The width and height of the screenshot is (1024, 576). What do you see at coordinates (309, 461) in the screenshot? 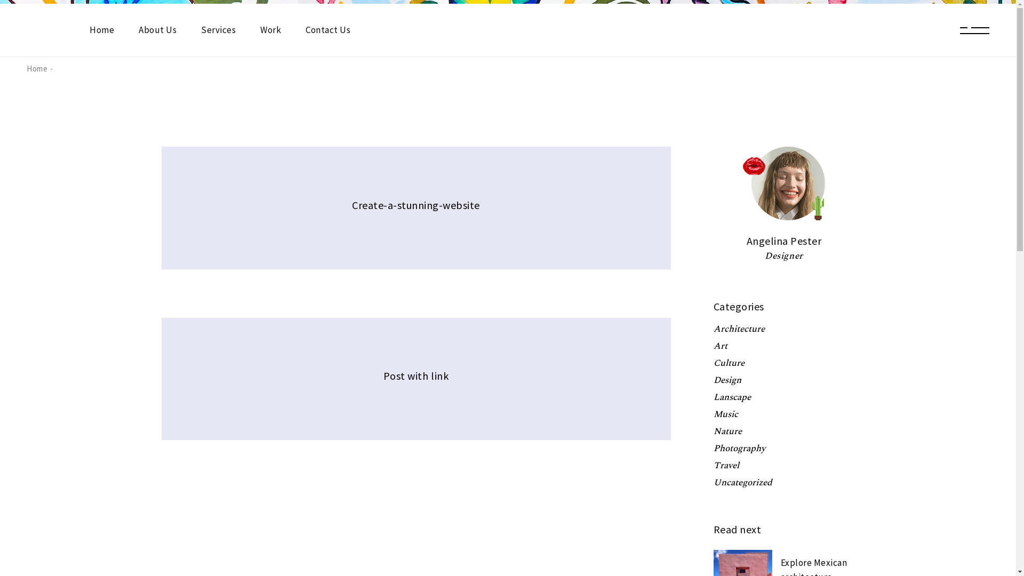
I see `'Elkas Digital'` at bounding box center [309, 461].